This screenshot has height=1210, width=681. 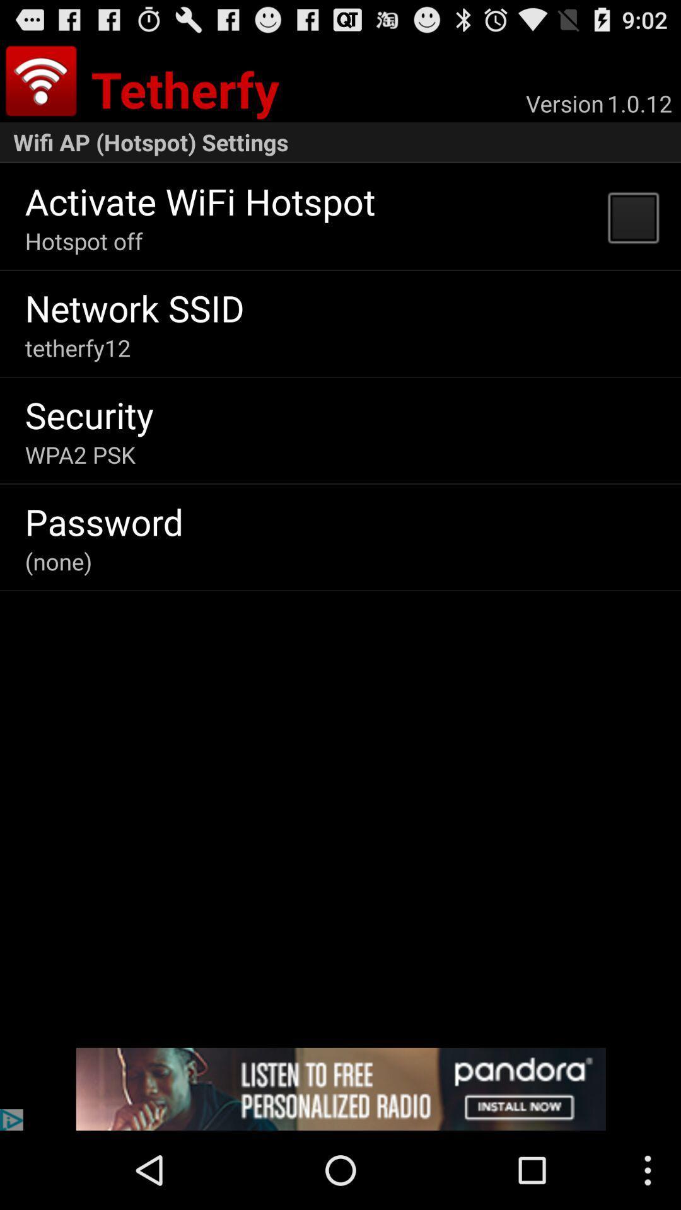 I want to click on the item above the (none) item, so click(x=103, y=521).